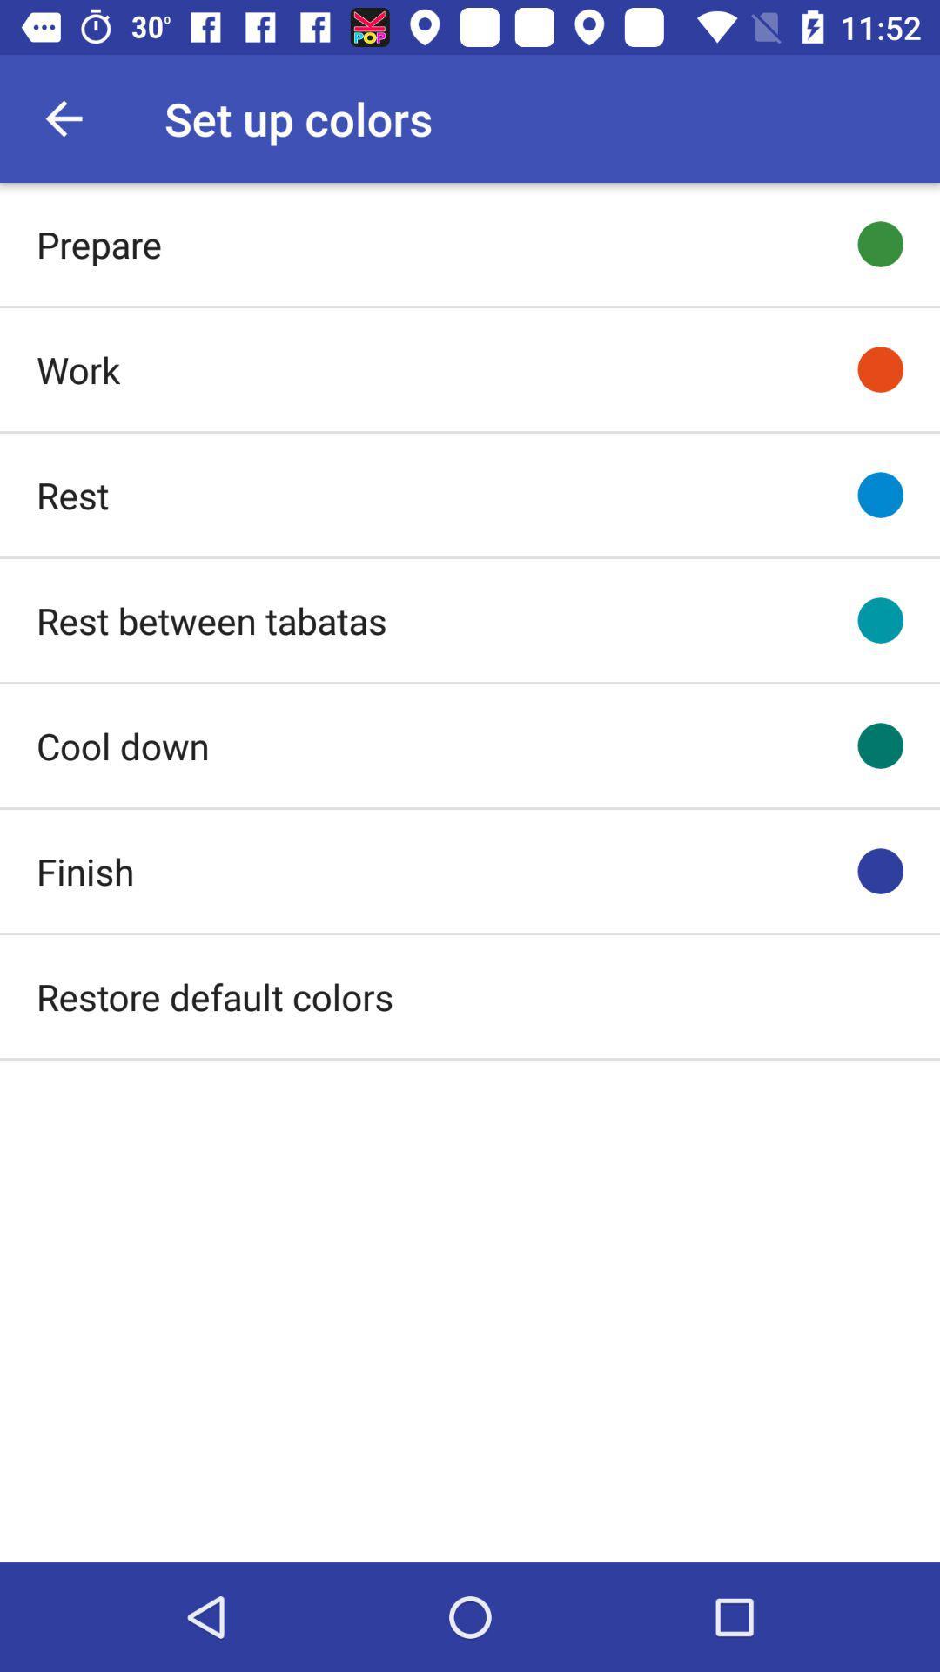 The height and width of the screenshot is (1672, 940). I want to click on the icon right to cool down, so click(880, 745).